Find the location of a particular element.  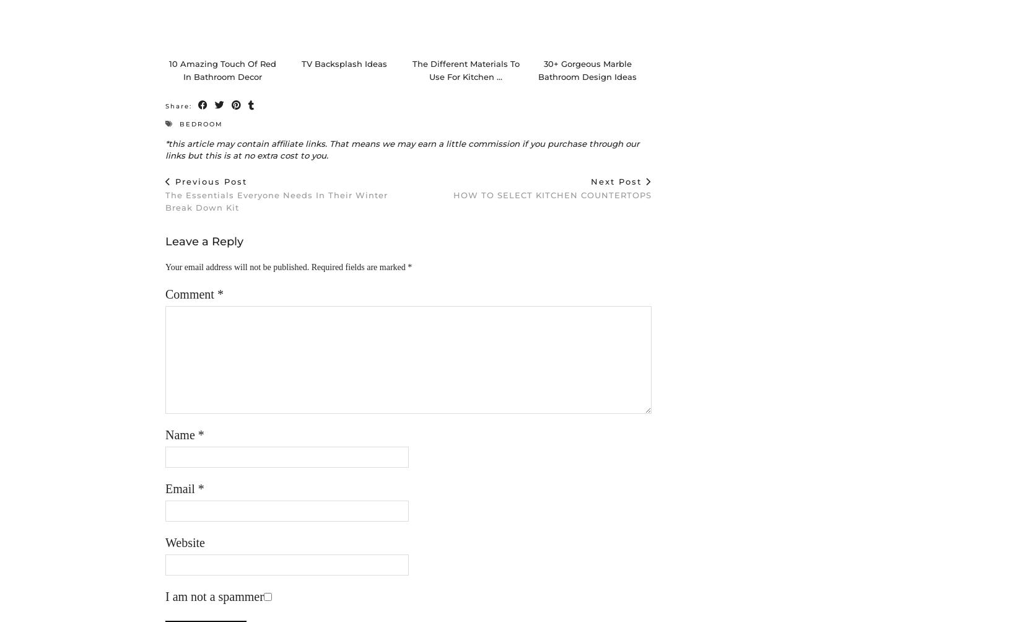

'BEDROOM' is located at coordinates (201, 136).